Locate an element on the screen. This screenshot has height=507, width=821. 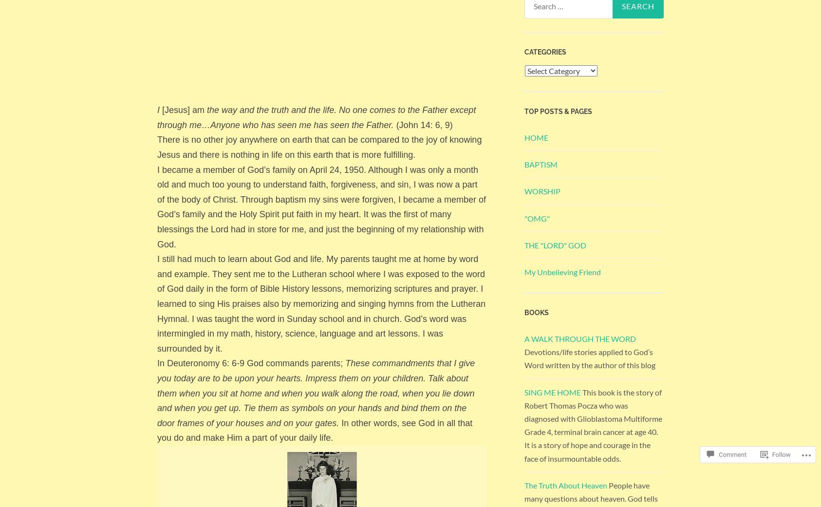
'Follow' is located at coordinates (781, 453).